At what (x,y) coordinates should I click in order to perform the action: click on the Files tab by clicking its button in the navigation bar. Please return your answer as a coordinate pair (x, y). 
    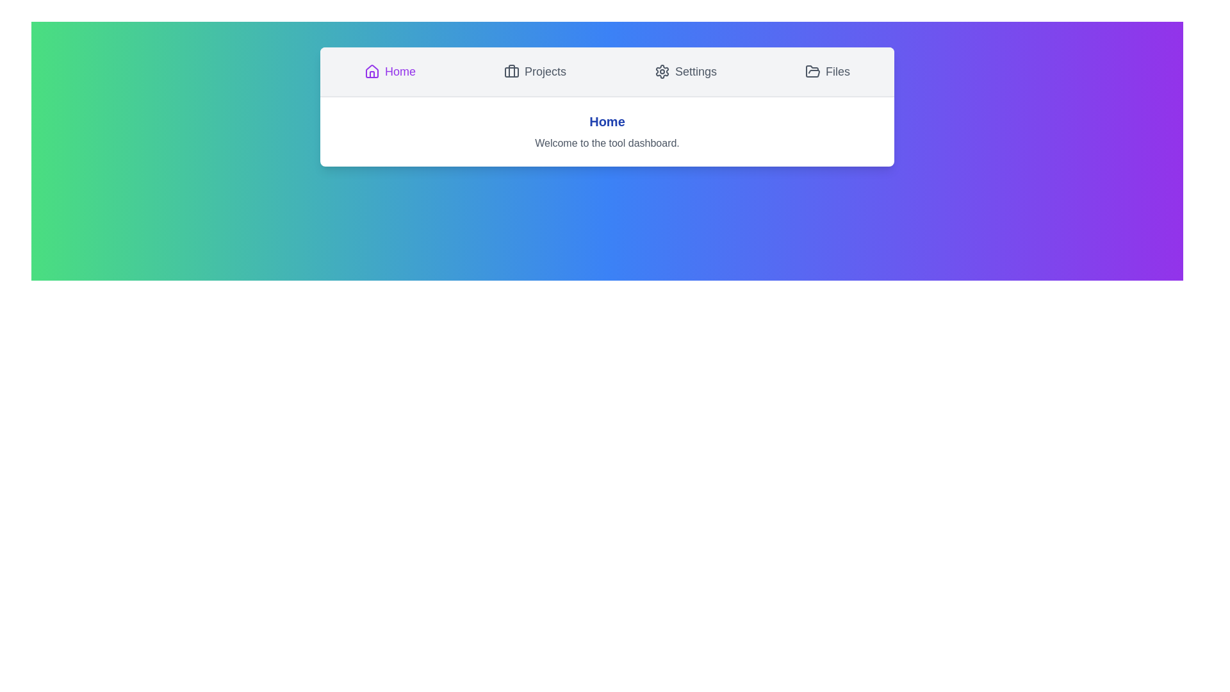
    Looking at the image, I should click on (827, 71).